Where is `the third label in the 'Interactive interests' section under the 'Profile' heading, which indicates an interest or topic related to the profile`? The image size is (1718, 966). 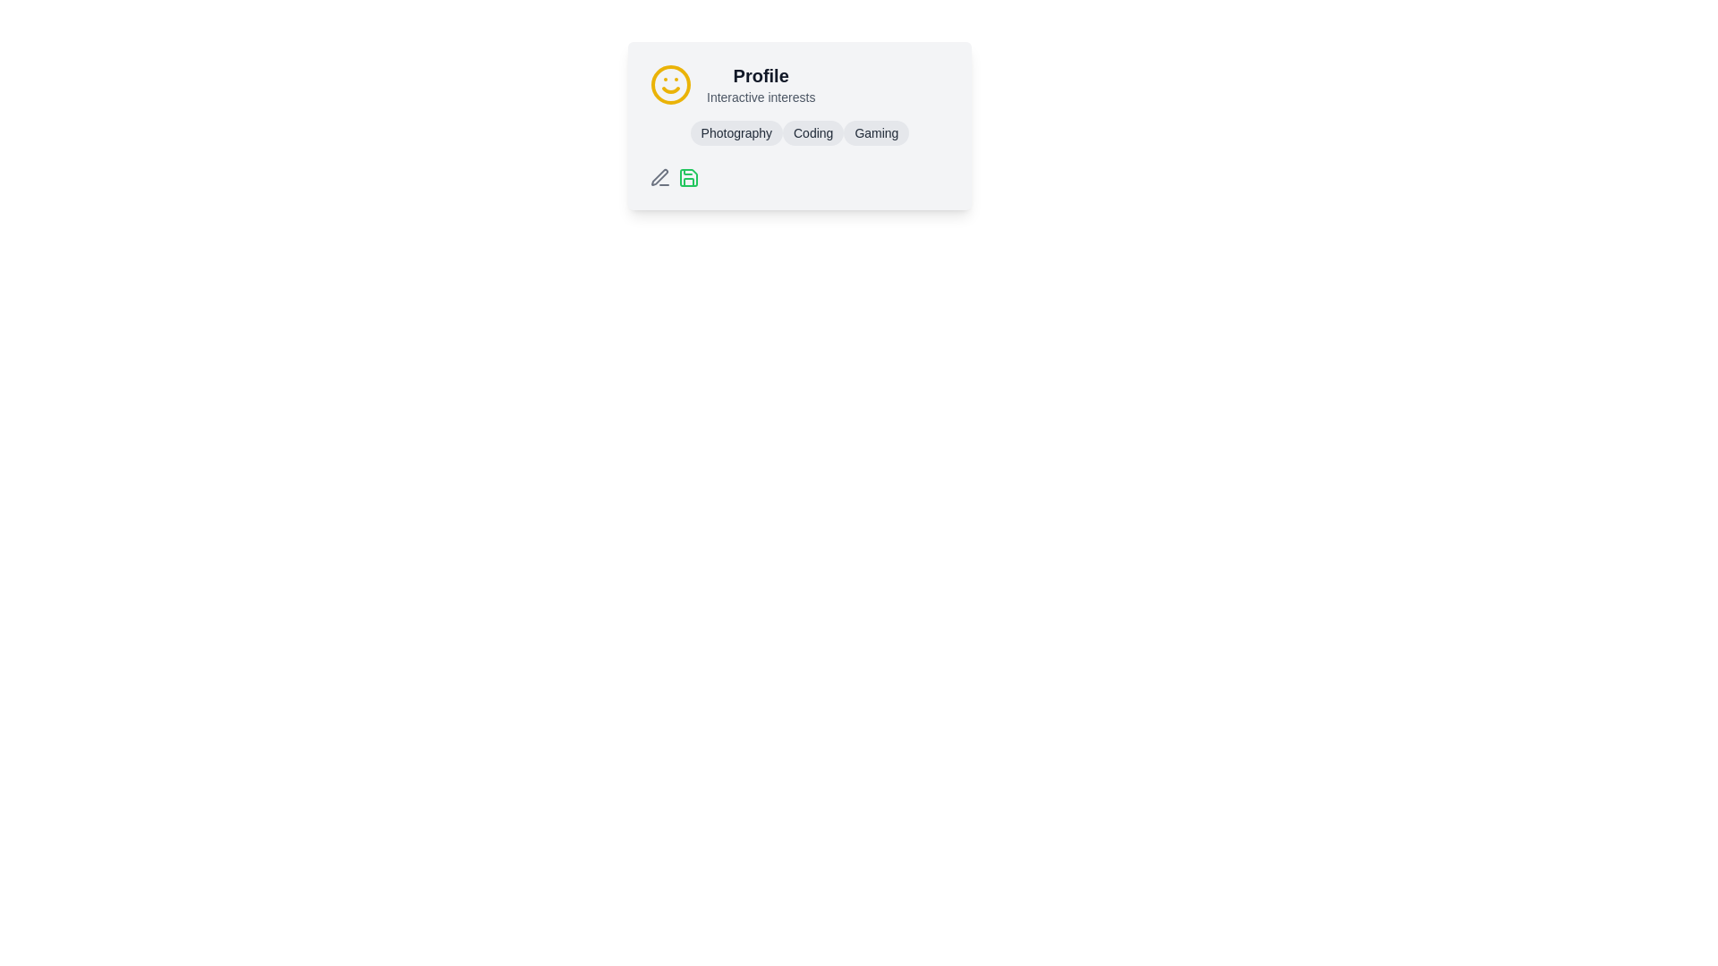 the third label in the 'Interactive interests' section under the 'Profile' heading, which indicates an interest or topic related to the profile is located at coordinates (876, 132).